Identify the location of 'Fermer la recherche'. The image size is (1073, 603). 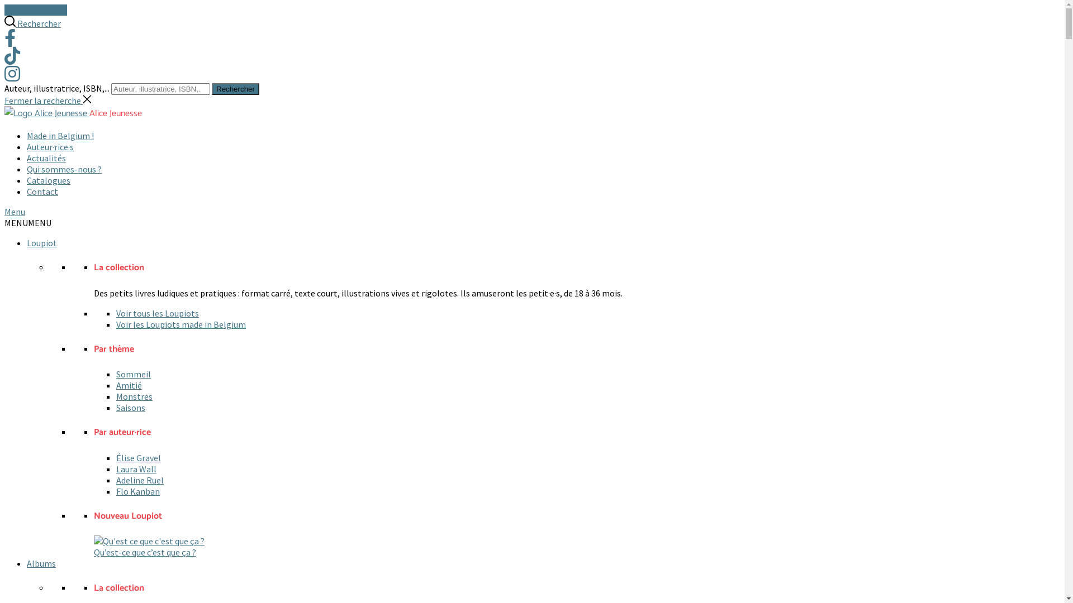
(48, 100).